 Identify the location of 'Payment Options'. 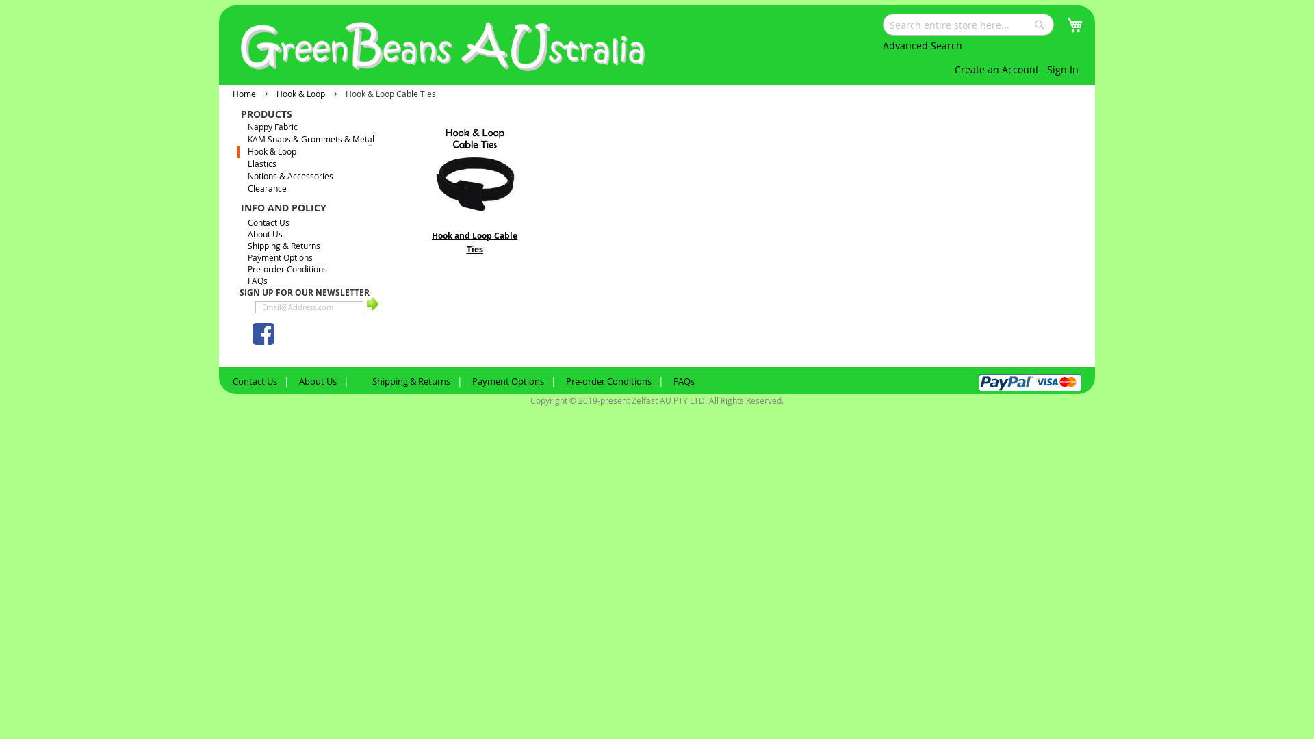
(507, 385).